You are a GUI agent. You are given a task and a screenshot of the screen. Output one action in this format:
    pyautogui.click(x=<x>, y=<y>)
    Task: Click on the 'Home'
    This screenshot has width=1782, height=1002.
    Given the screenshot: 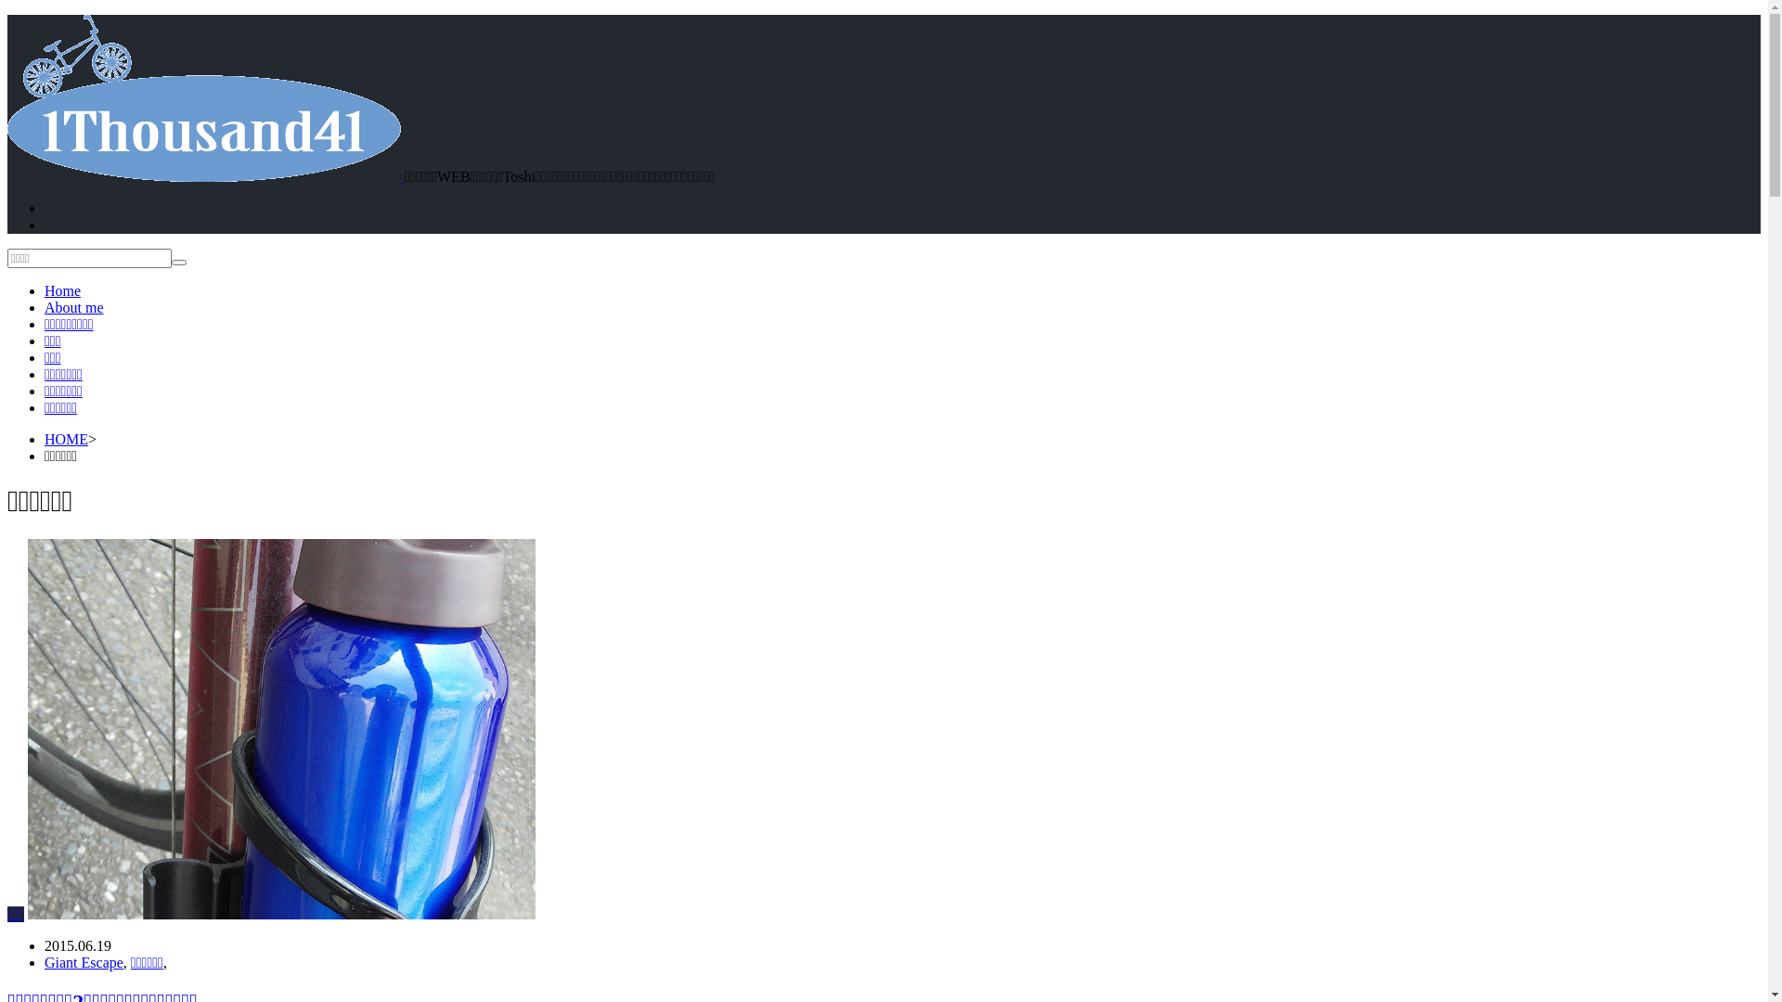 What is the action you would take?
    pyautogui.click(x=45, y=290)
    